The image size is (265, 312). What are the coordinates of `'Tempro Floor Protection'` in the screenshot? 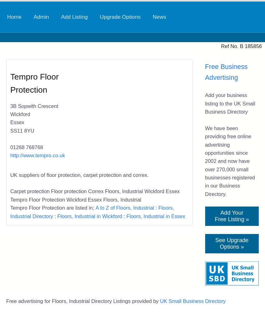 It's located at (34, 83).